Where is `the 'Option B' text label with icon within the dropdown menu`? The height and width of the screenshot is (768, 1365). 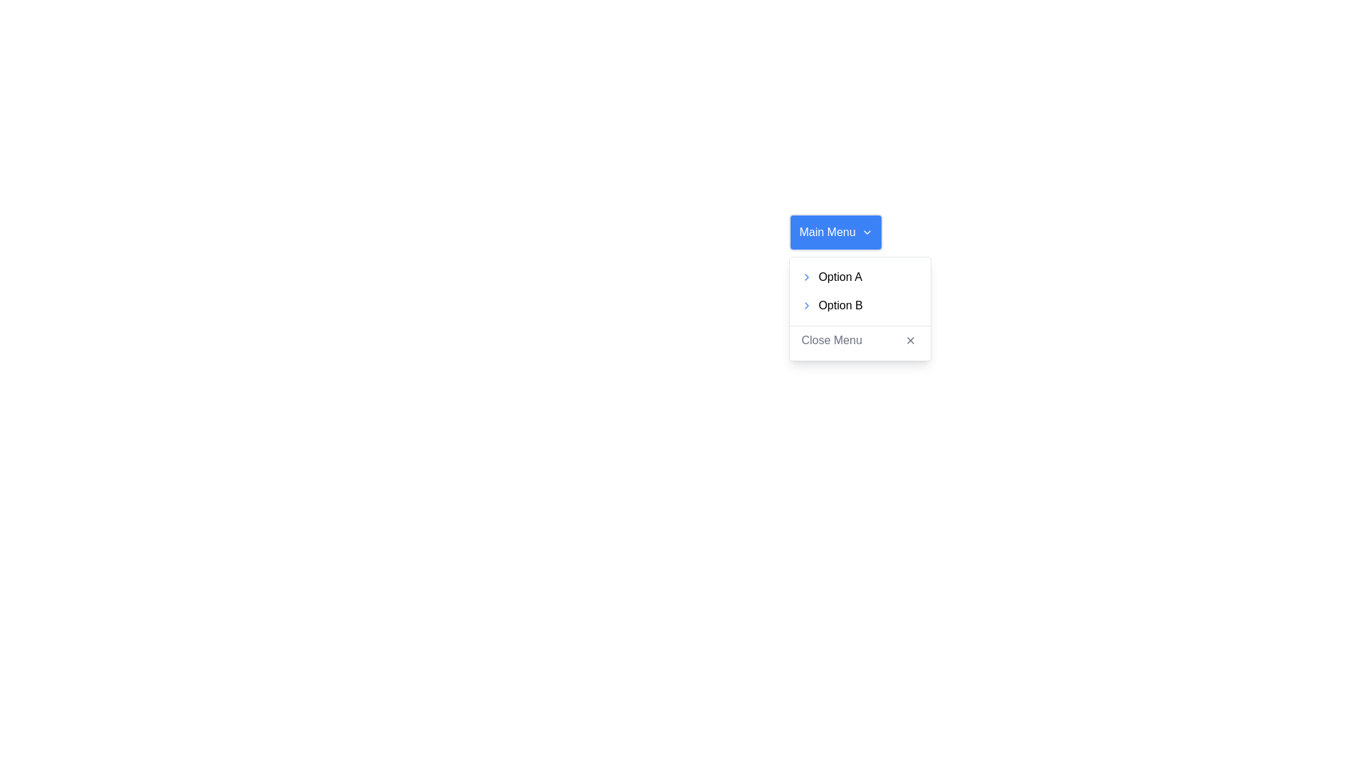
the 'Option B' text label with icon within the dropdown menu is located at coordinates (860, 308).